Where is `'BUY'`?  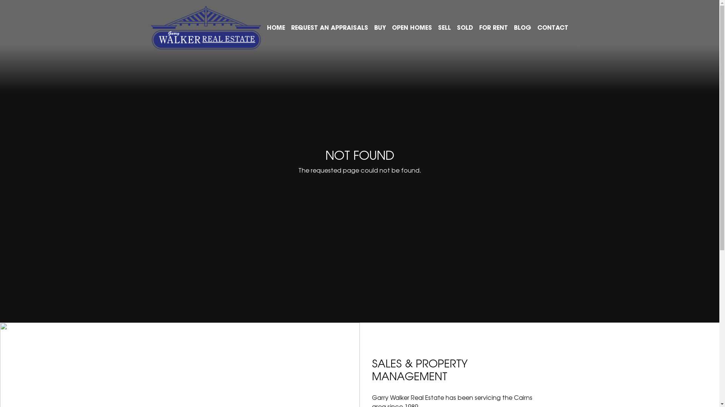
'BUY' is located at coordinates (379, 27).